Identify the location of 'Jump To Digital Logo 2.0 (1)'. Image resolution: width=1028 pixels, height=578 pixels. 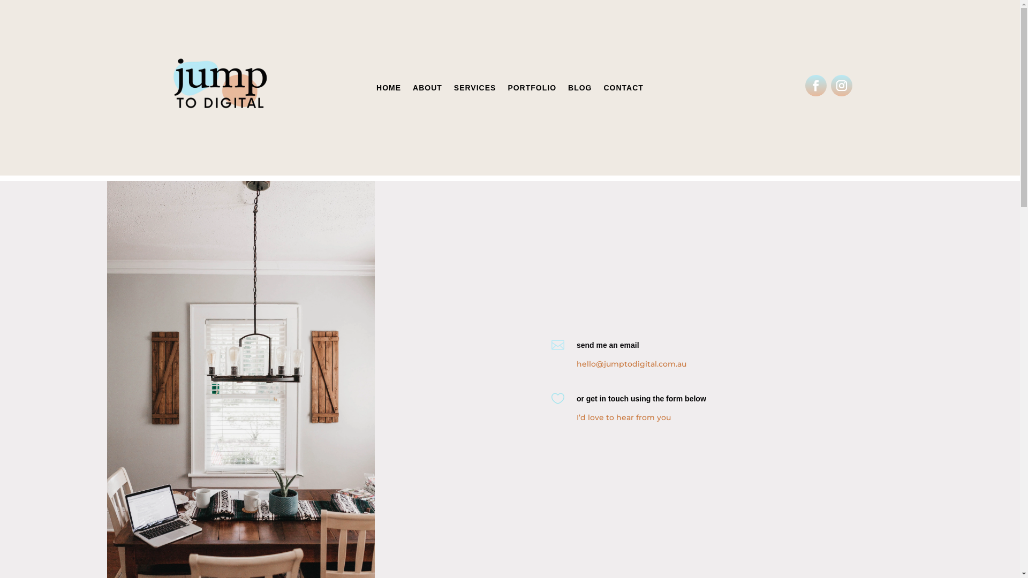
(220, 87).